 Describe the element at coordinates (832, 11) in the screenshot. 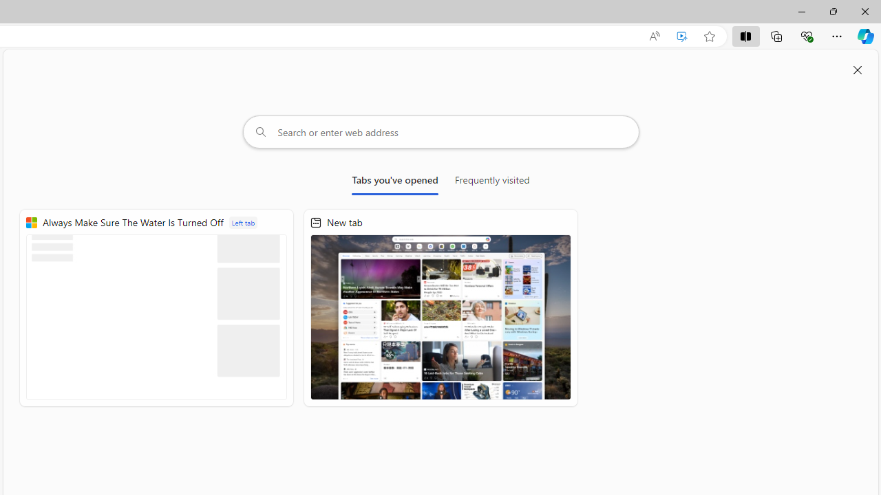

I see `'Restore'` at that location.